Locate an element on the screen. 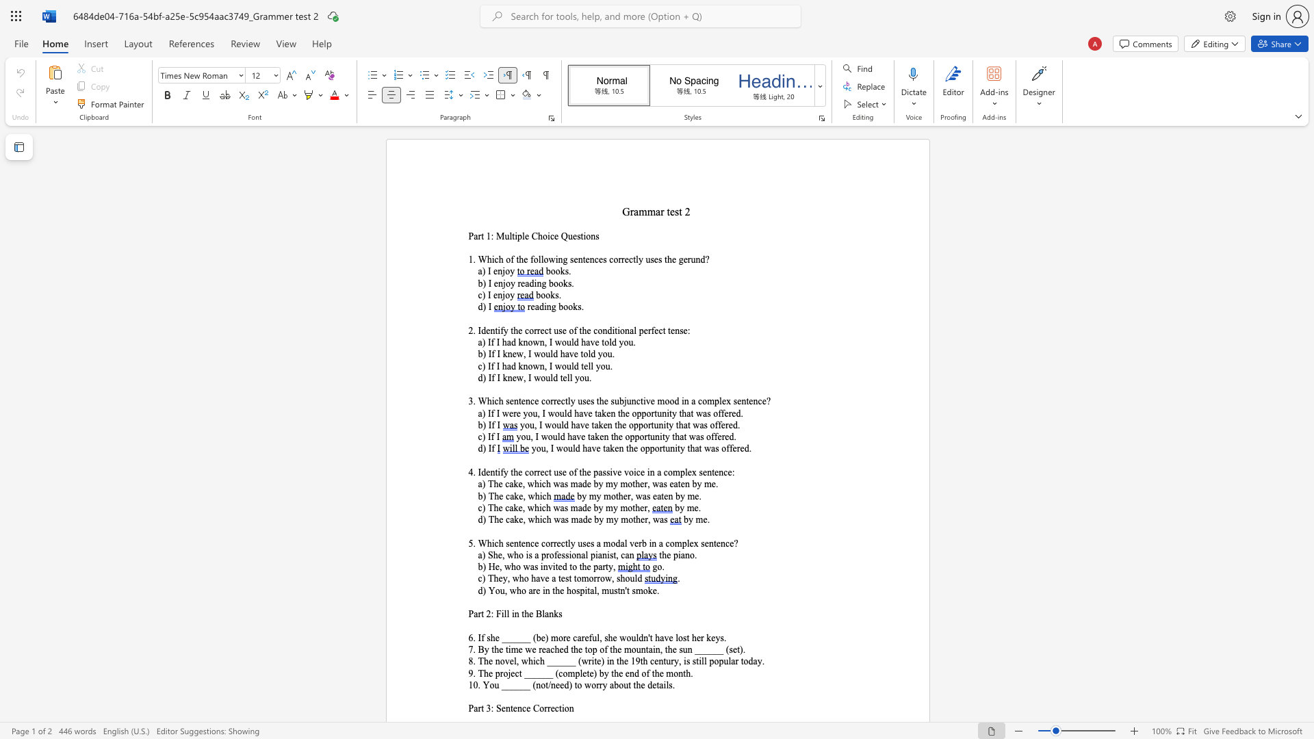 Image resolution: width=1314 pixels, height=739 pixels. the subset text "er" within the text "1. Which of the following sentences correctly uses the gerund?" is located at coordinates (683, 259).